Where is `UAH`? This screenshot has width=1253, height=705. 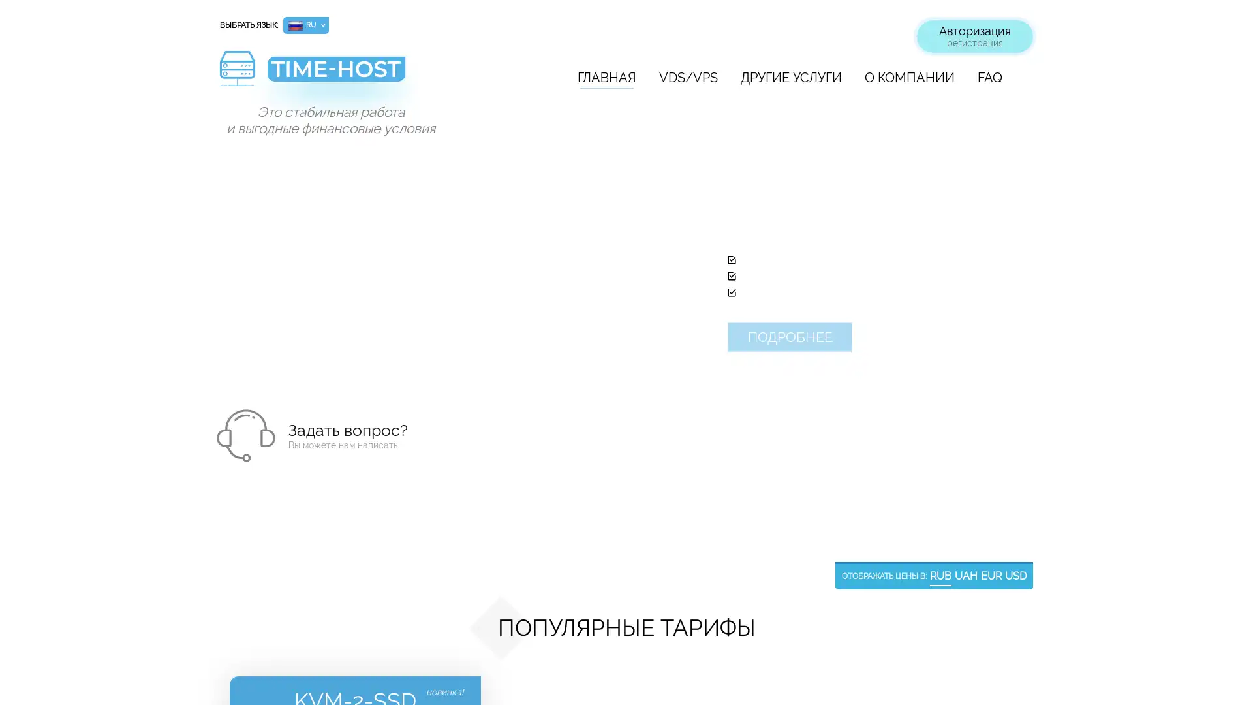 UAH is located at coordinates (966, 576).